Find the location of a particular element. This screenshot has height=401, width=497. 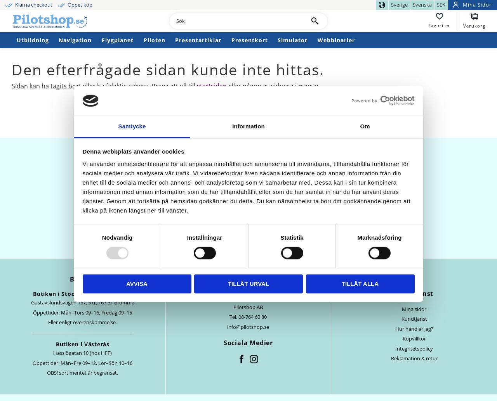

'Navigation' is located at coordinates (75, 40).